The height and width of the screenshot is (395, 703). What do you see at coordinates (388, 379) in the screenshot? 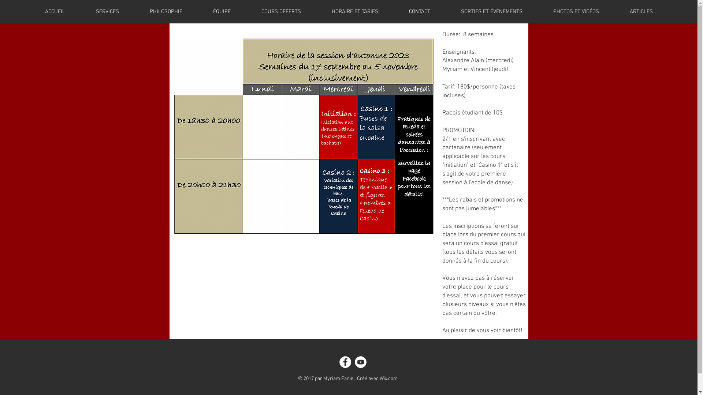
I see `'Wix.com'` at bounding box center [388, 379].